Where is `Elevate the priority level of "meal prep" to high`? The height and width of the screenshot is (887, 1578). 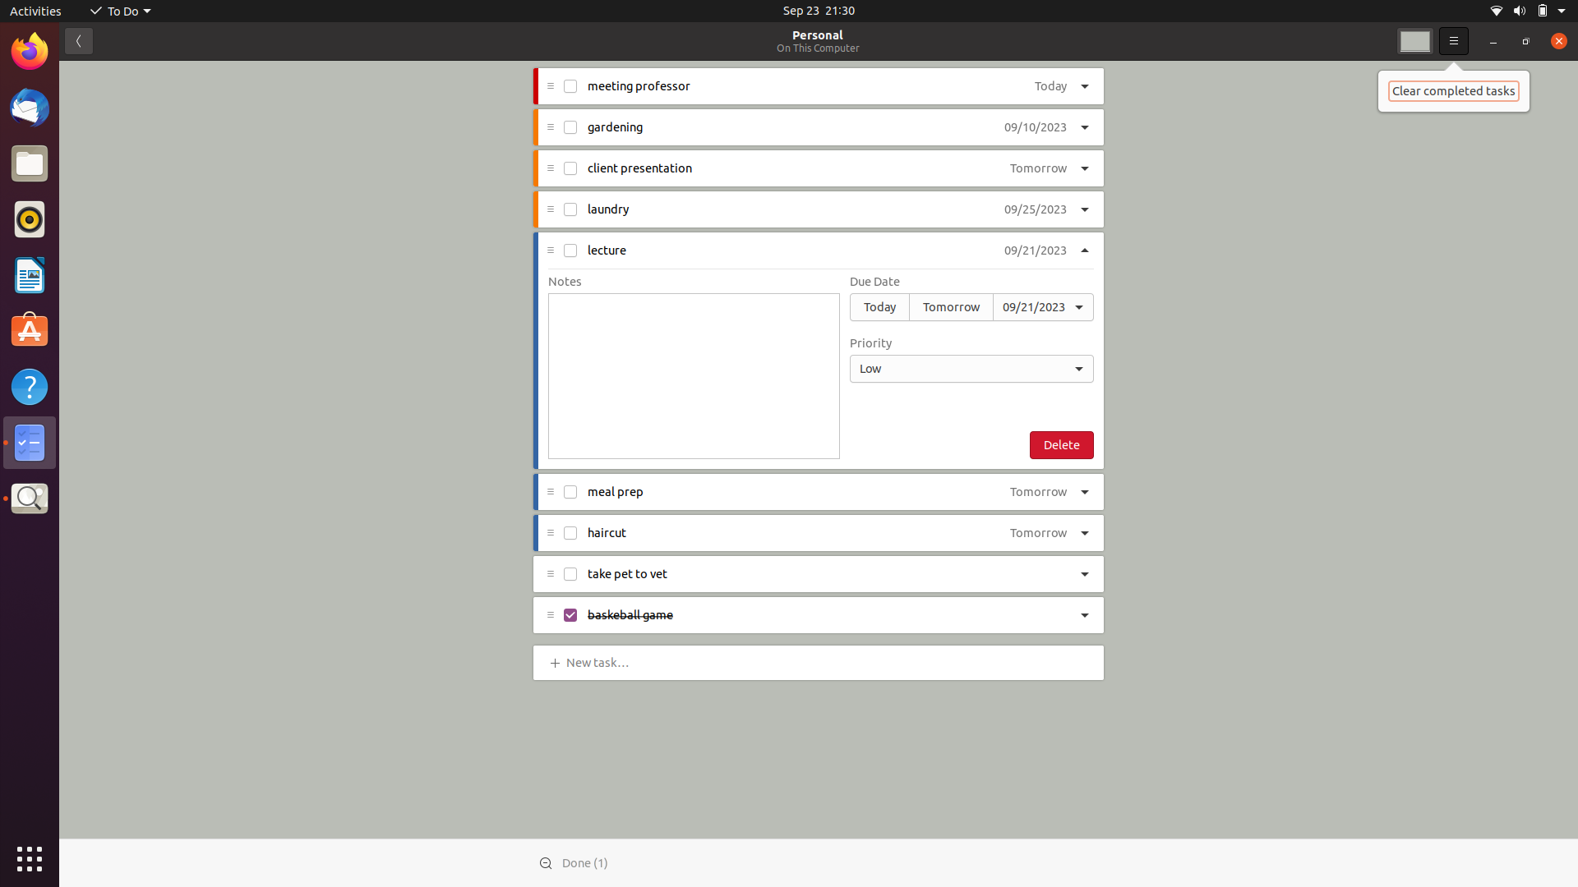 Elevate the priority level of "meal prep" to high is located at coordinates (1087, 490).